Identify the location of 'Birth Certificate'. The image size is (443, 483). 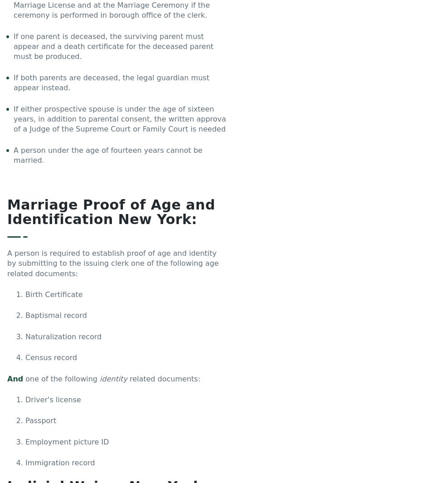
(54, 294).